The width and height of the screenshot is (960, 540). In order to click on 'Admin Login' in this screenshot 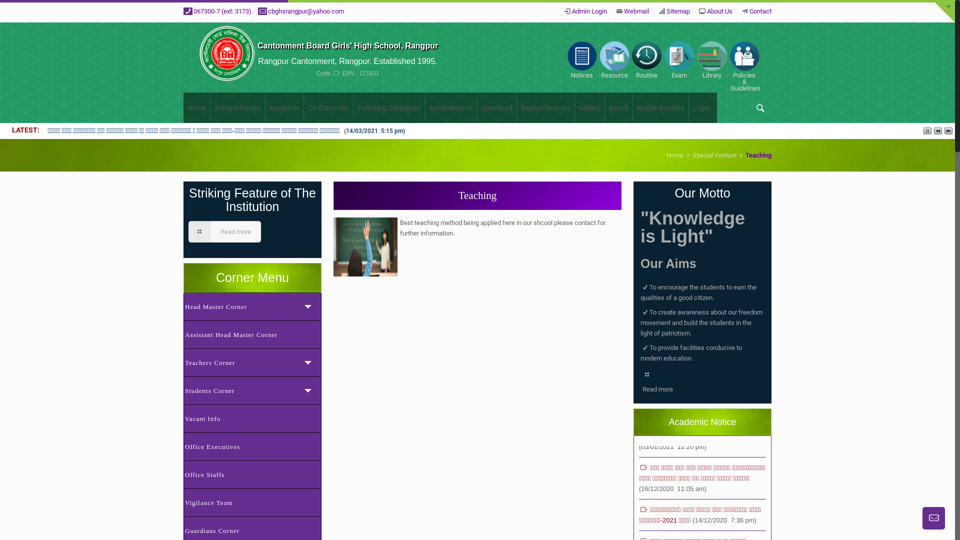, I will do `click(571, 11)`.